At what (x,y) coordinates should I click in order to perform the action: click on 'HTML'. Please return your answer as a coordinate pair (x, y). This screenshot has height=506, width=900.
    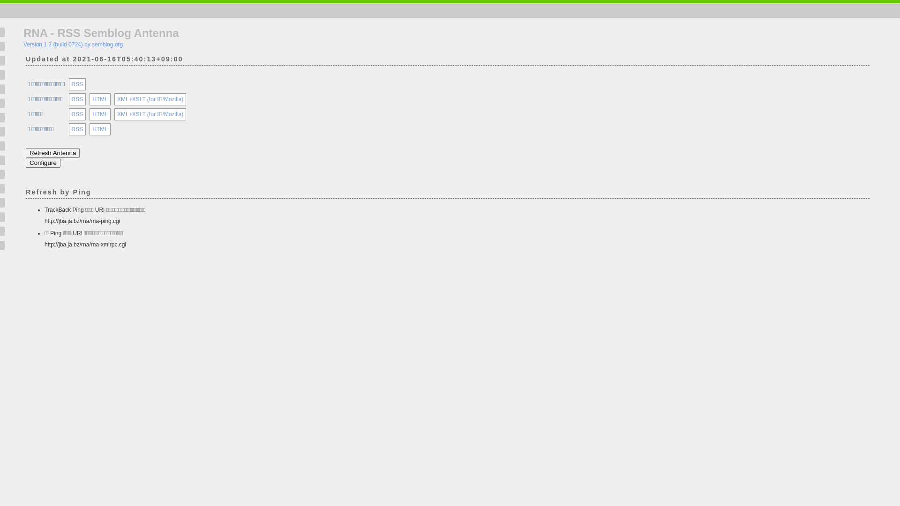
    Looking at the image, I should click on (100, 99).